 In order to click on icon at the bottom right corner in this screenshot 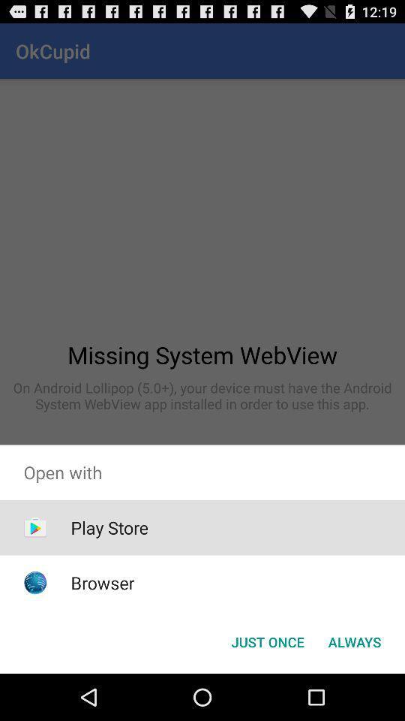, I will do `click(354, 641)`.